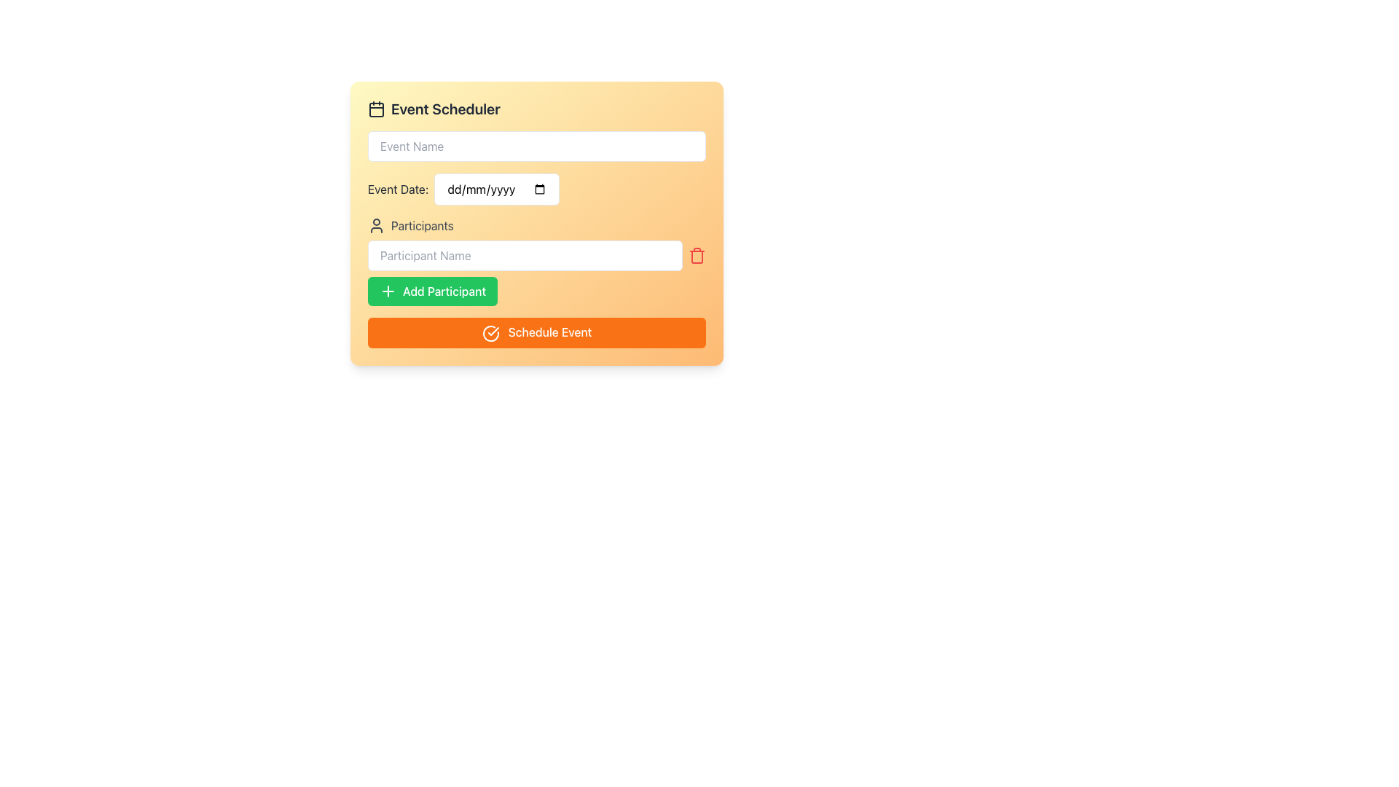 The image size is (1399, 787). Describe the element at coordinates (696, 255) in the screenshot. I see `the trash icon button located at the right end of the 'Participants' input field in the Event Scheduler form` at that location.